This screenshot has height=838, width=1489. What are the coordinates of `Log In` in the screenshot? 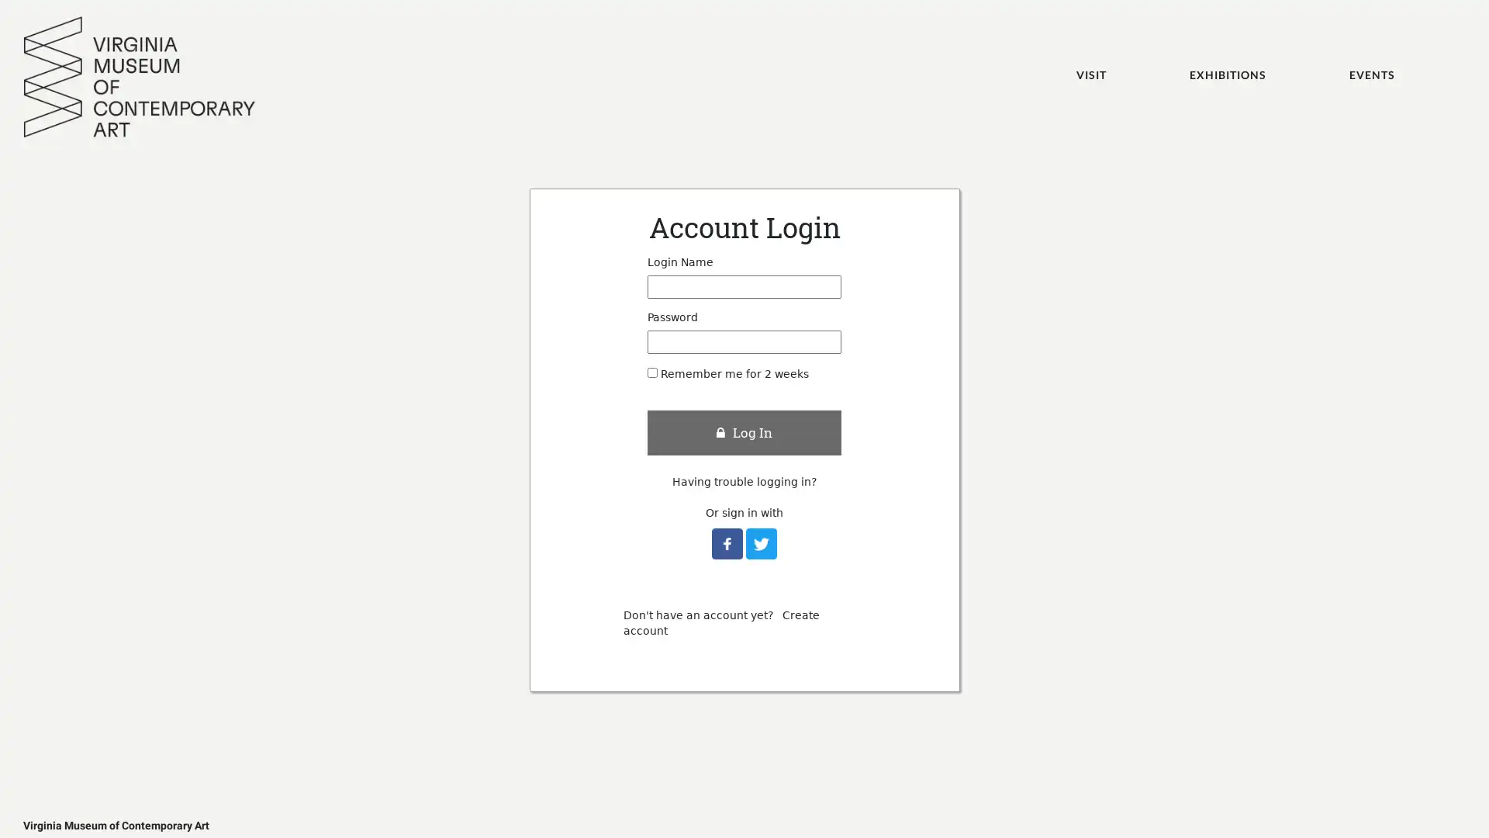 It's located at (744, 431).